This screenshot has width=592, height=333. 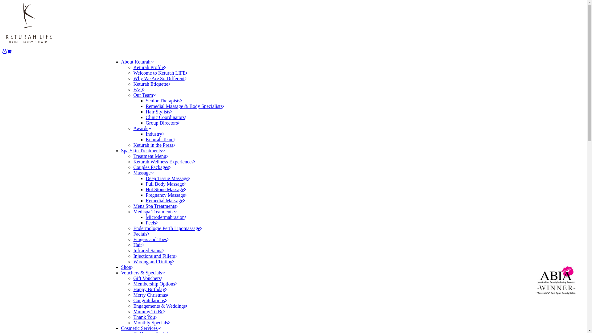 I want to click on 'Mummy To Be', so click(x=133, y=311).